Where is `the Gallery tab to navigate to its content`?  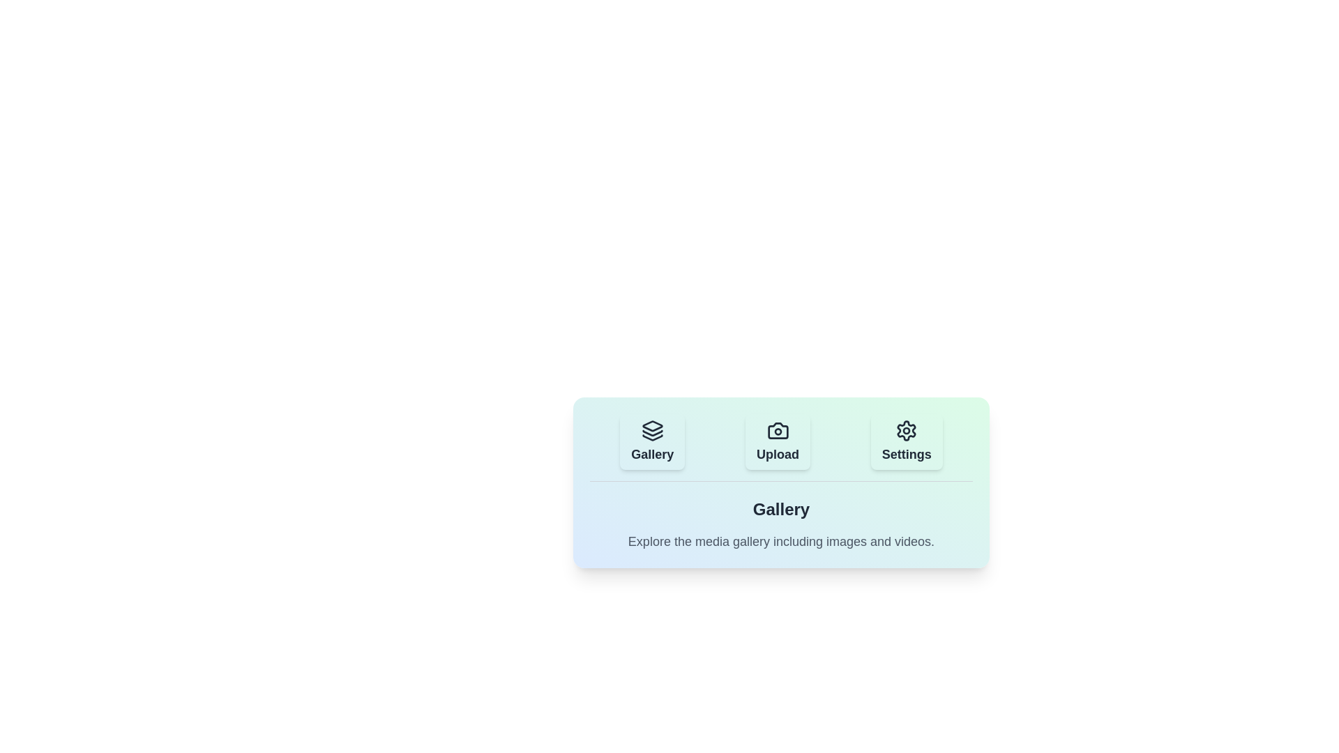 the Gallery tab to navigate to its content is located at coordinates (651, 441).